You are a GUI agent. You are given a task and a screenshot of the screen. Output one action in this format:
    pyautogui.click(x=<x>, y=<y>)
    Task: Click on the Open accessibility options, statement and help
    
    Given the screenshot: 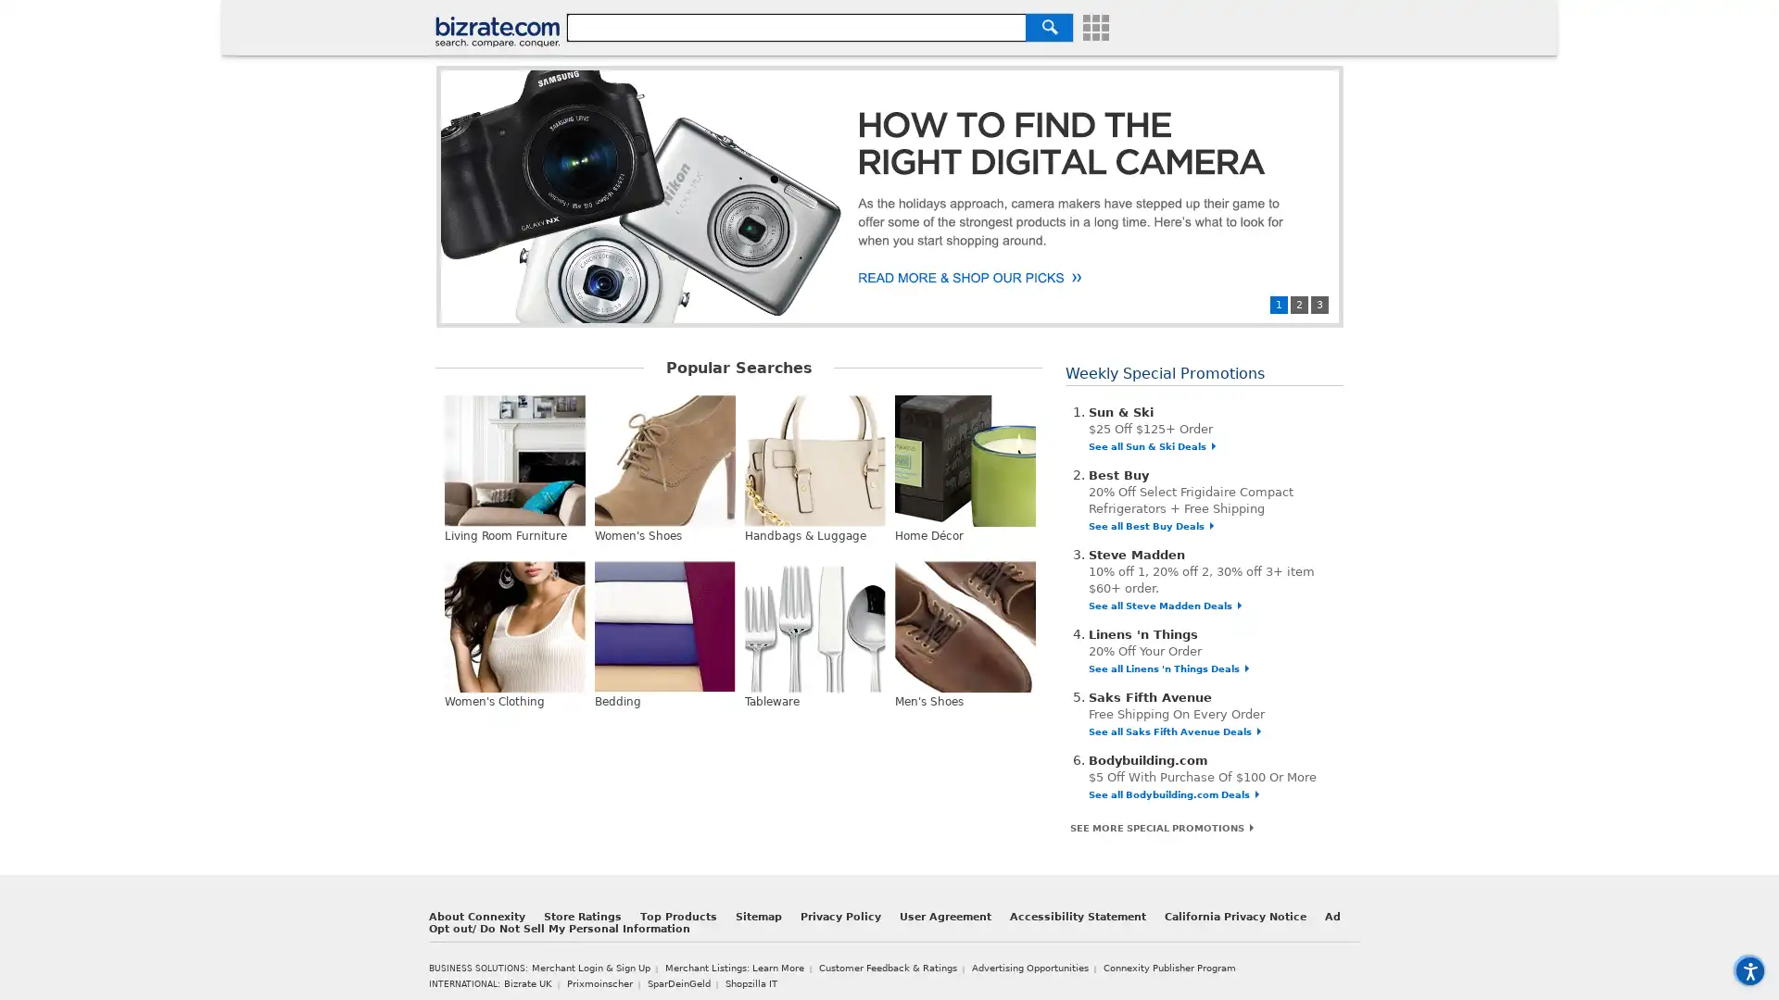 What is the action you would take?
    pyautogui.click(x=1746, y=967)
    